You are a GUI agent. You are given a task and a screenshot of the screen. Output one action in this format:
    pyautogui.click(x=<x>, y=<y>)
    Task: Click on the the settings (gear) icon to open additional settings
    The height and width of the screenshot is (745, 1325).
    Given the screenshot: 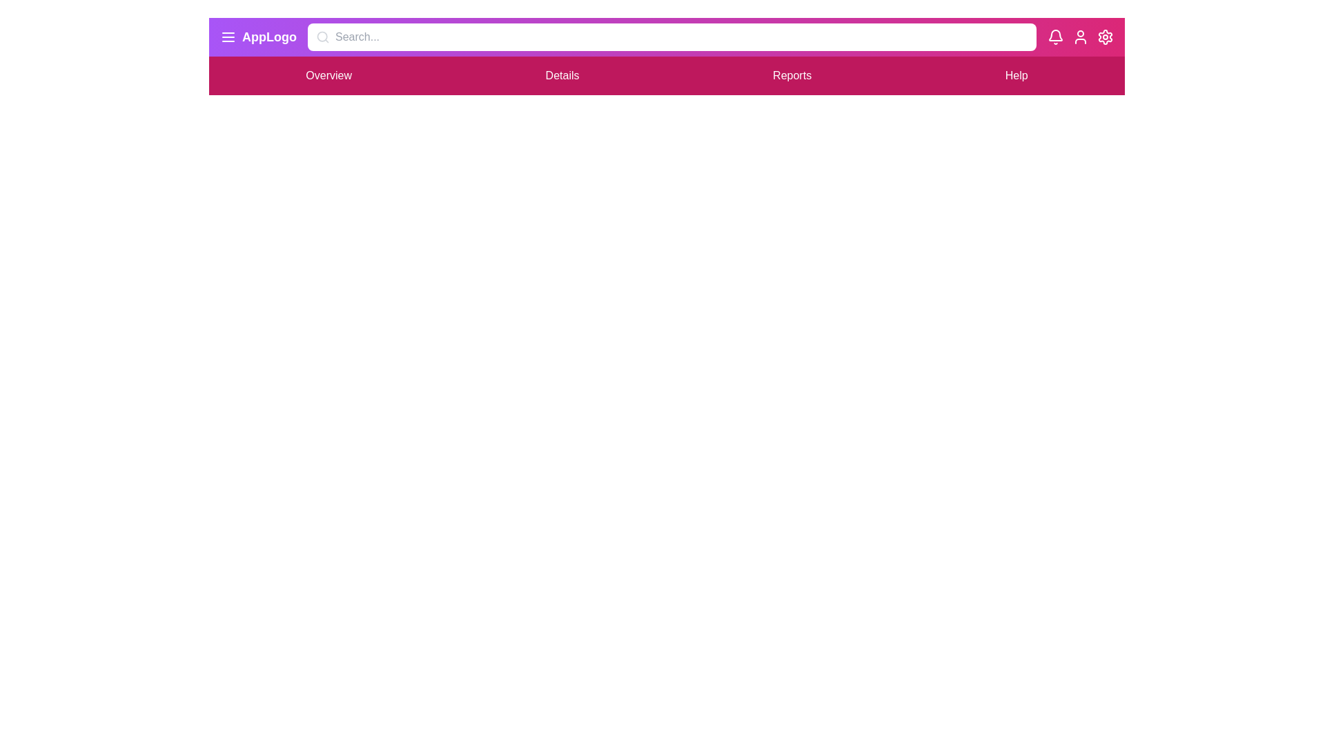 What is the action you would take?
    pyautogui.click(x=1106, y=37)
    